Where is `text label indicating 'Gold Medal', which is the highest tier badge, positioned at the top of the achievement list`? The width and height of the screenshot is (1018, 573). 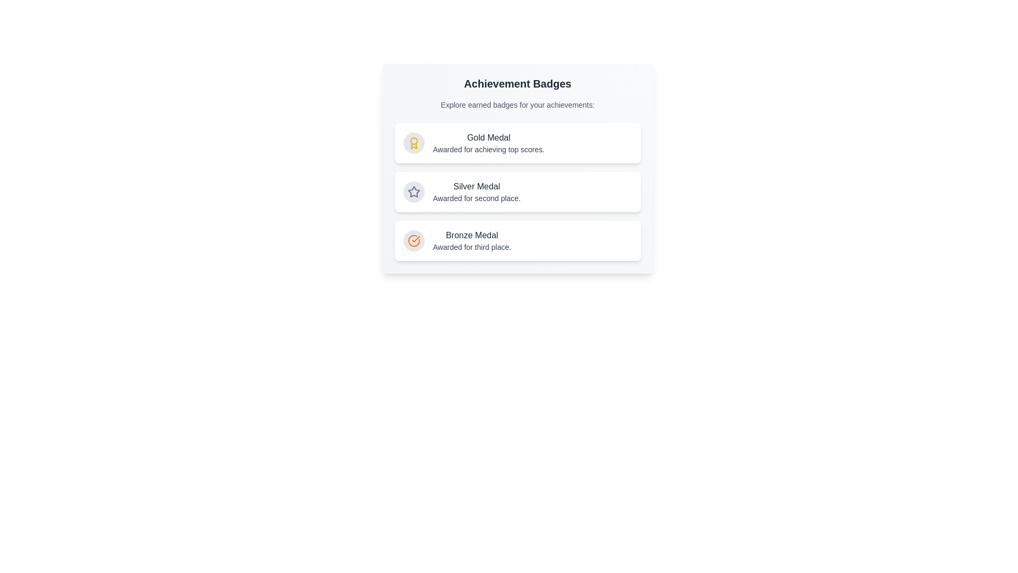
text label indicating 'Gold Medal', which is the highest tier badge, positioned at the top of the achievement list is located at coordinates (488, 137).